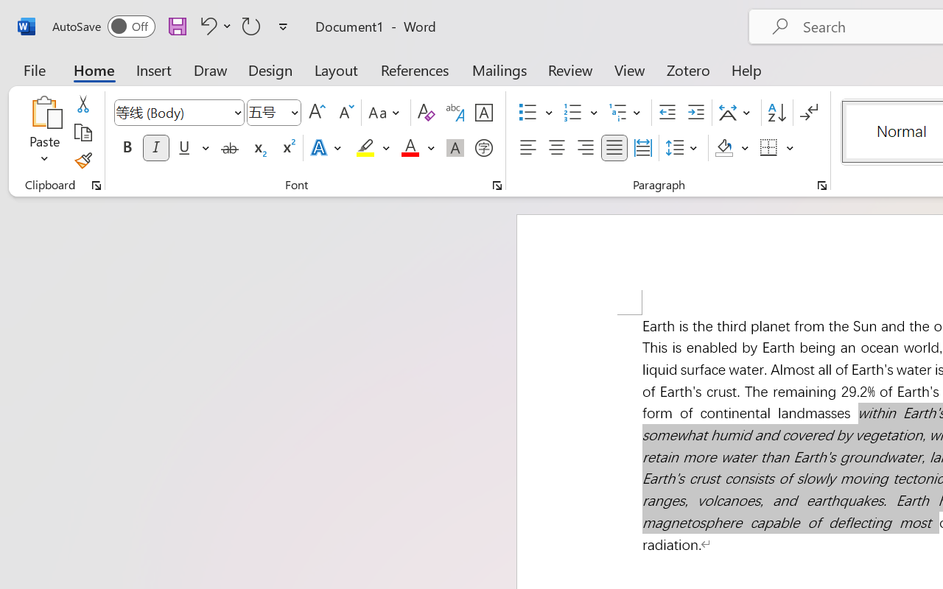 The image size is (943, 589). I want to click on 'Font...', so click(497, 185).